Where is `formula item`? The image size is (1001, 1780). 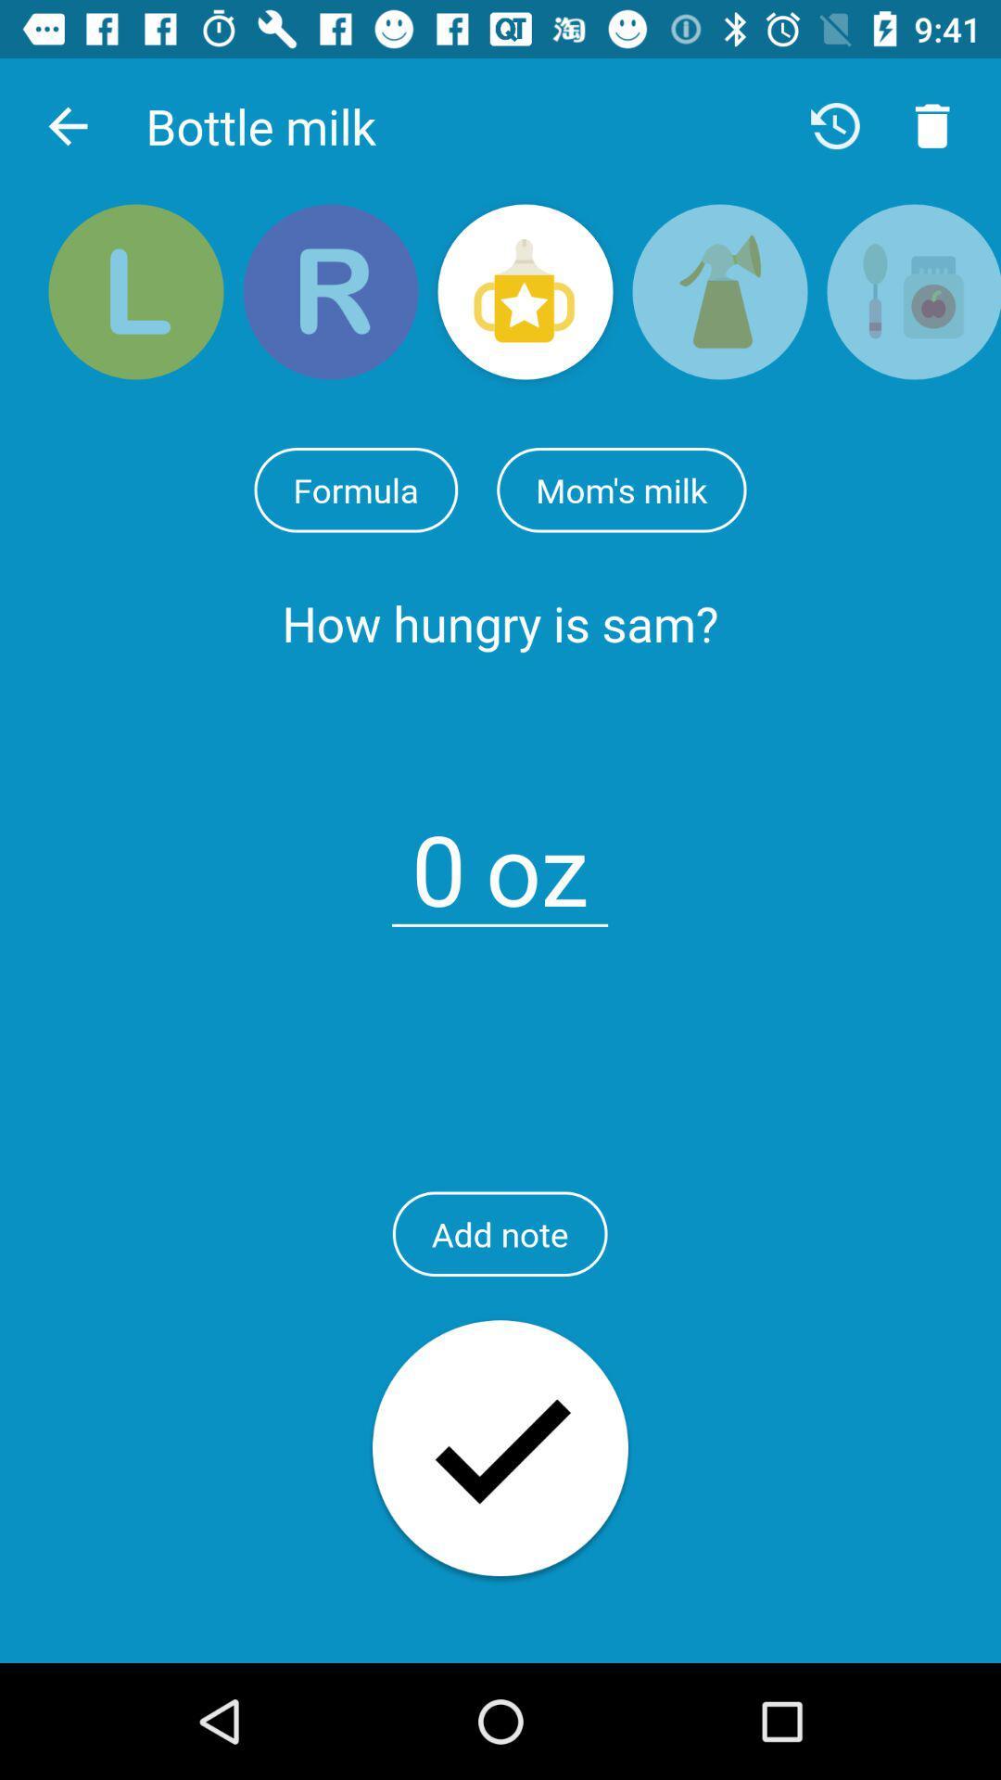 formula item is located at coordinates (356, 489).